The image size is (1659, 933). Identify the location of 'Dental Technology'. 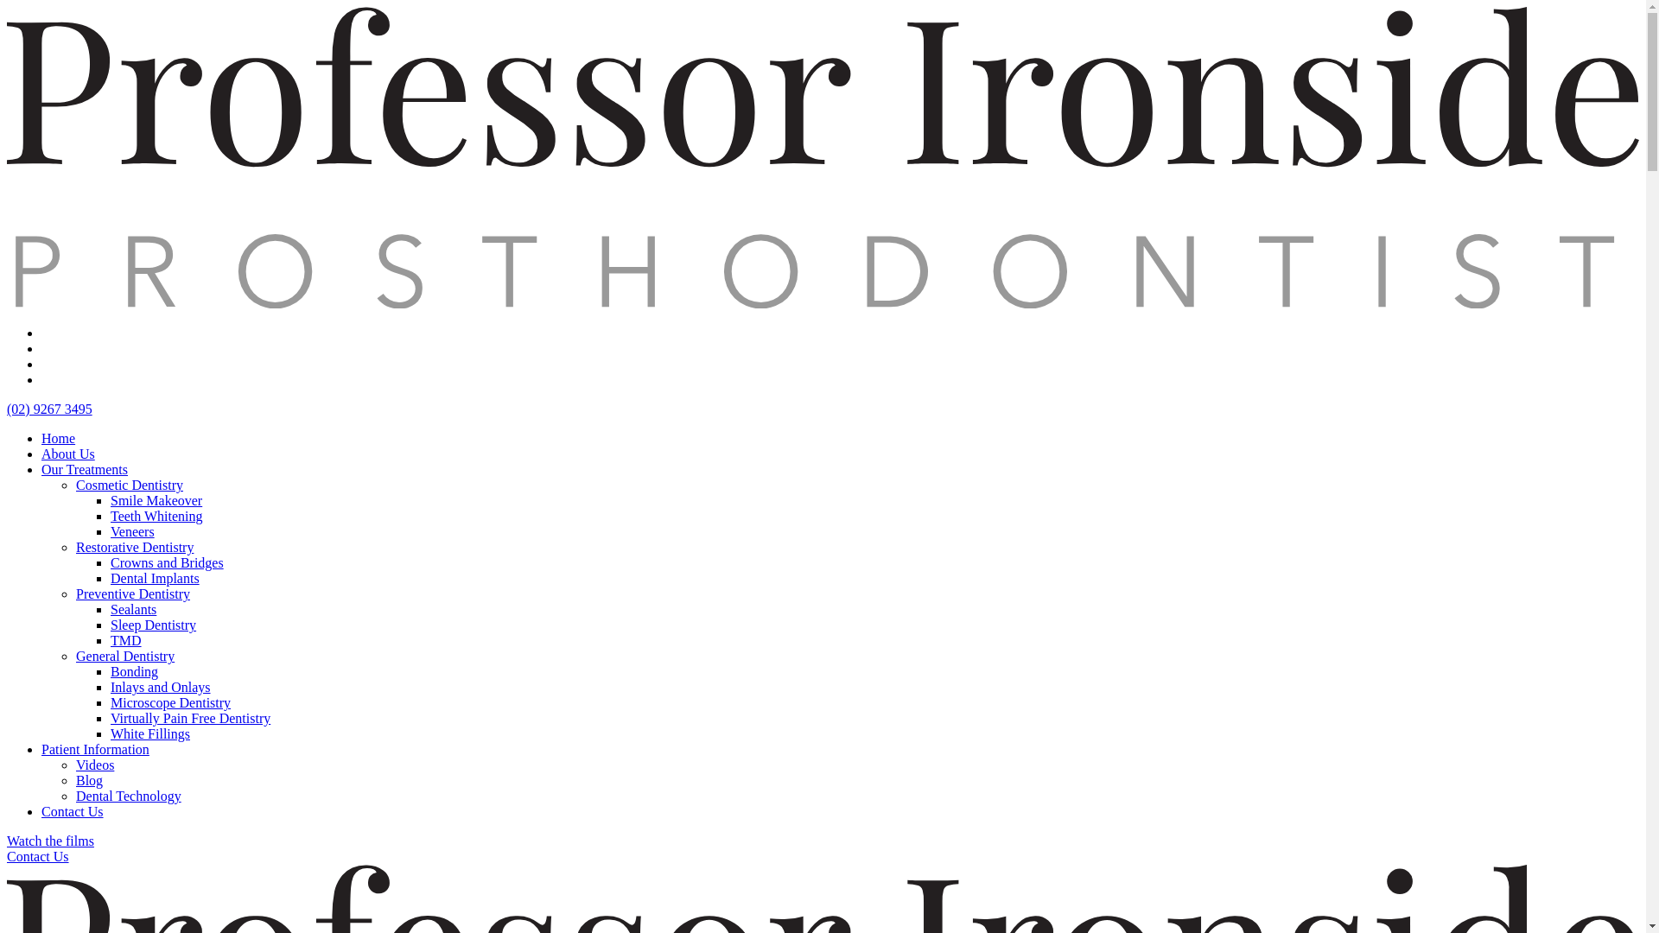
(127, 796).